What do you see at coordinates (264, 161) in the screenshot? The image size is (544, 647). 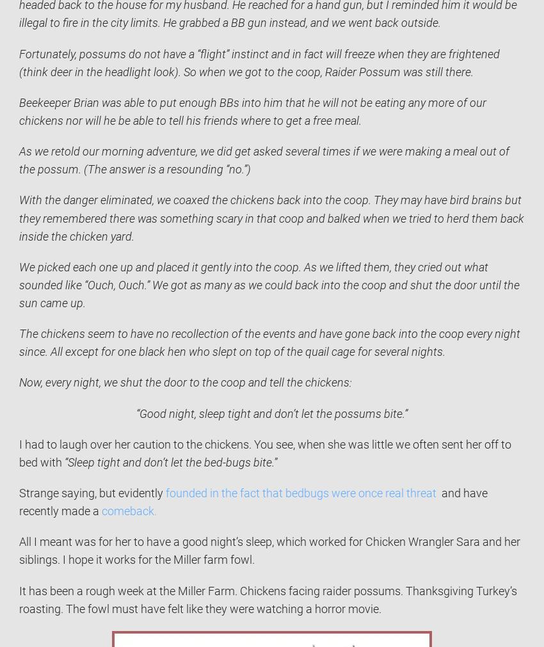 I see `'As we retold our morning adventure, we did get asked several times if we were making a meal out of the possum. (The answer is a resounding “no.”)'` at bounding box center [264, 161].